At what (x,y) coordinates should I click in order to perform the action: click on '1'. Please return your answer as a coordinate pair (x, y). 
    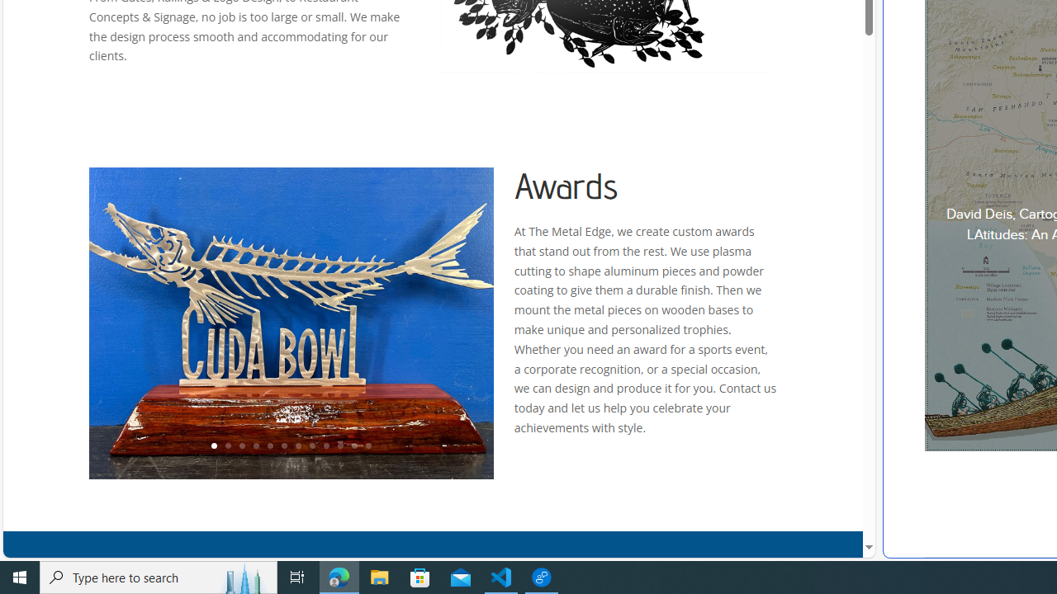
    Looking at the image, I should click on (212, 446).